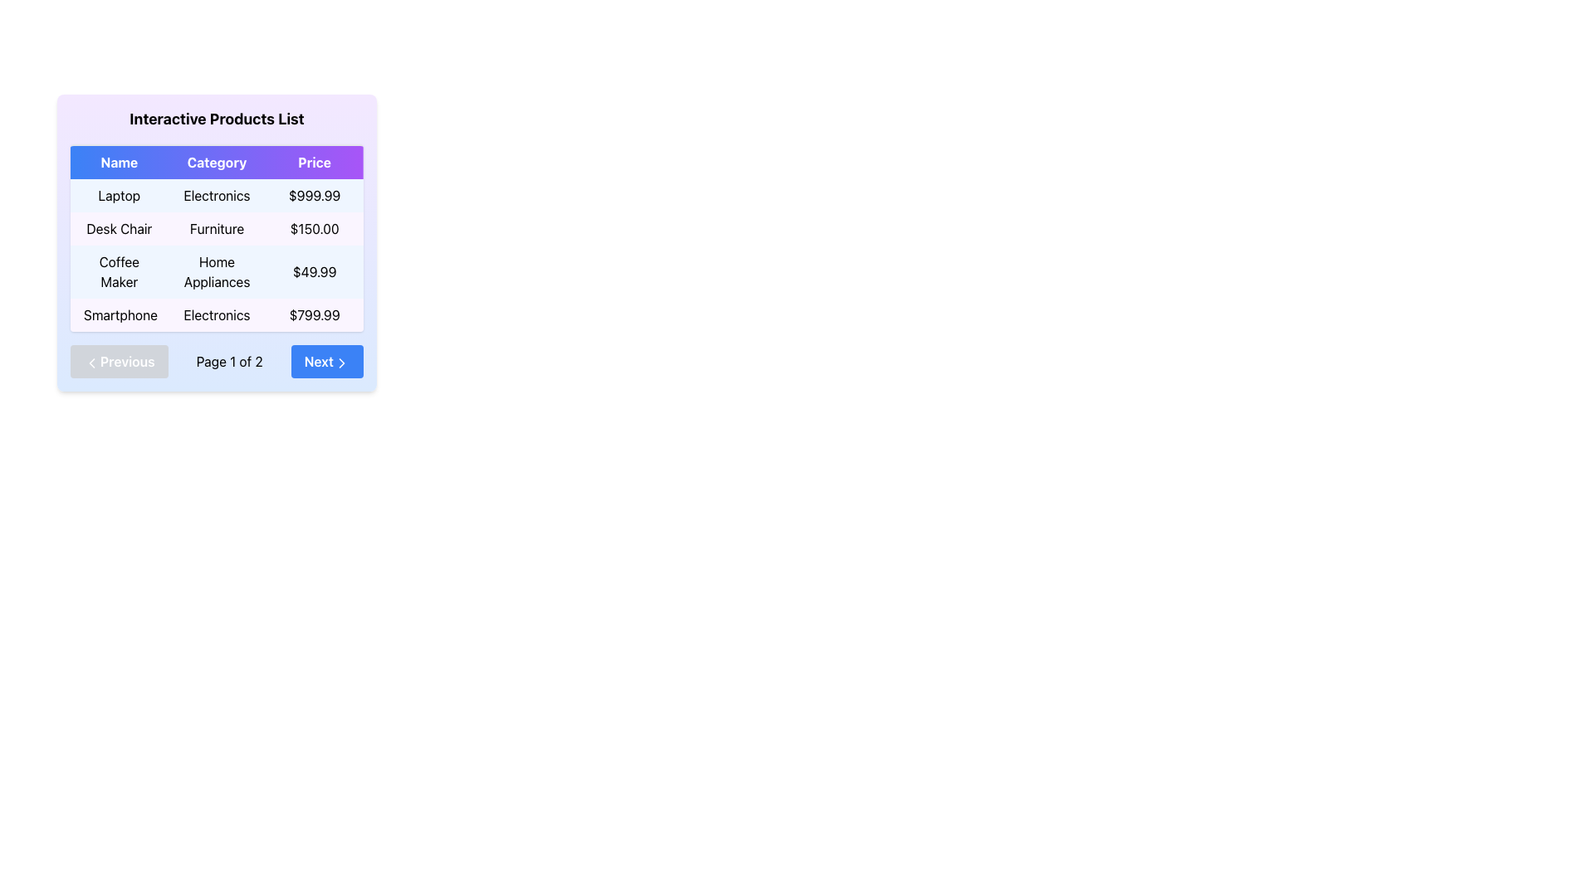 The height and width of the screenshot is (896, 1594). Describe the element at coordinates (216, 270) in the screenshot. I see `the third row in the table that contains details about the product 'Coffee Maker', categorized under 'Home Appliances' with a price of '$49.99'` at that location.